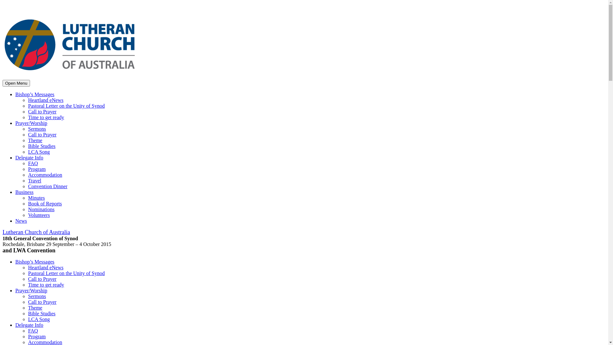 This screenshot has height=345, width=613. Describe the element at coordinates (38, 152) in the screenshot. I see `'LCA Song'` at that location.